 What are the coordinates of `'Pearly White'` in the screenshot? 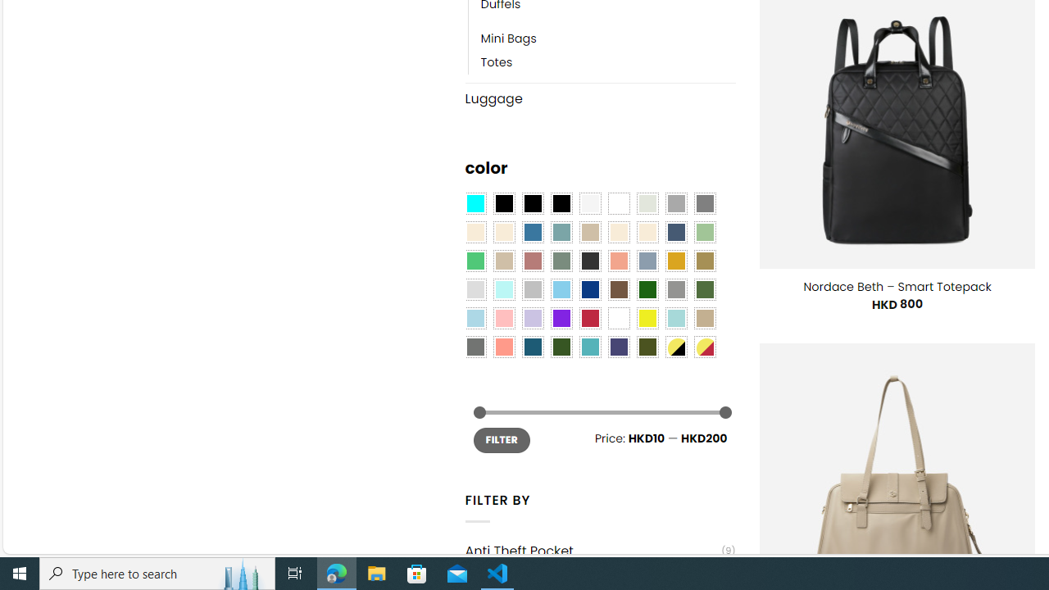 It's located at (590, 203).